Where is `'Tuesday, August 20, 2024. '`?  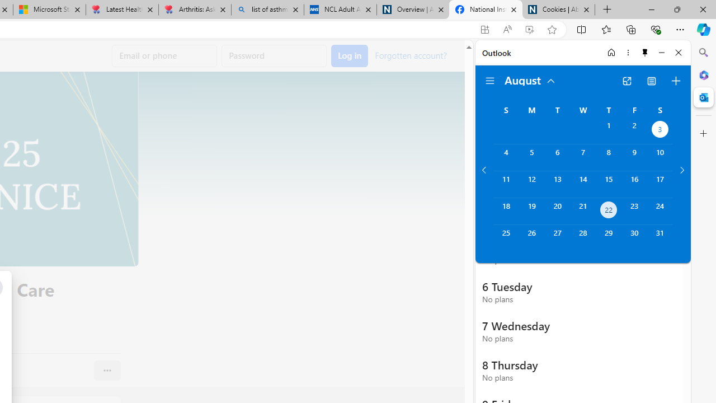 'Tuesday, August 20, 2024. ' is located at coordinates (557, 211).